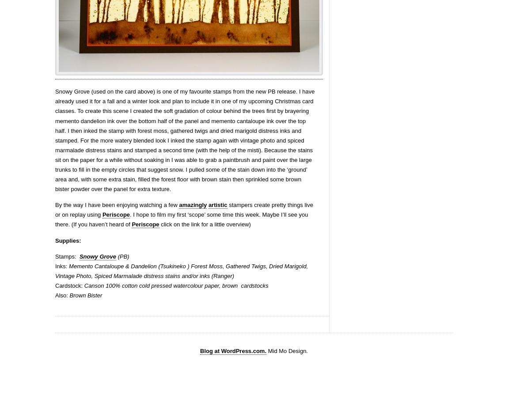  Describe the element at coordinates (93, 285) in the screenshot. I see `'Canson'` at that location.